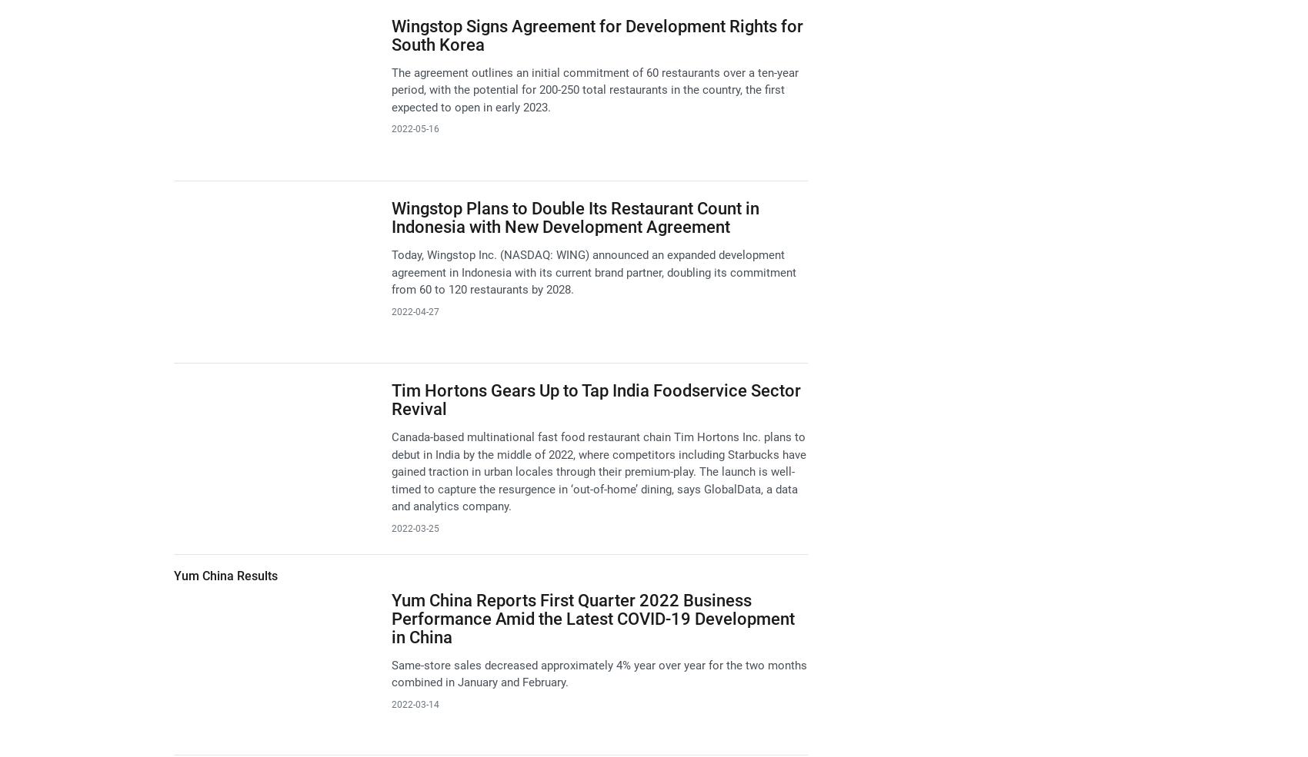 Image resolution: width=1308 pixels, height=757 pixels. What do you see at coordinates (414, 703) in the screenshot?
I see `'2022-03-14'` at bounding box center [414, 703].